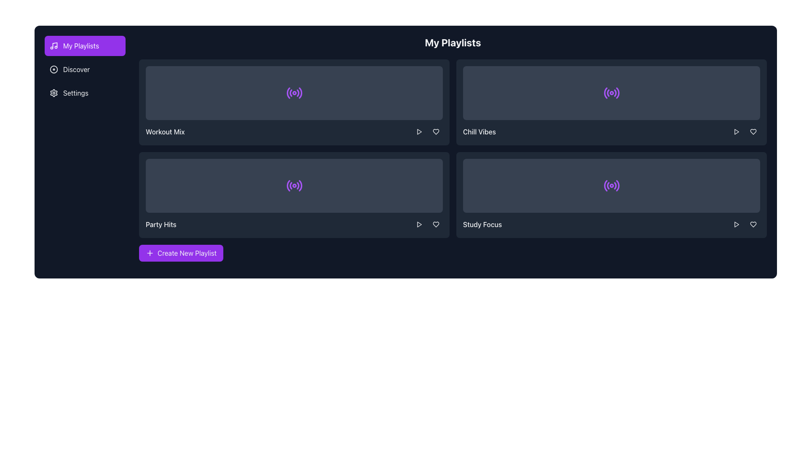 The height and width of the screenshot is (455, 809). I want to click on the Card with a purple radio signal icon, located at the bottom right of the grid layout, which is the fourth item under the 'Study Focus' title, so click(611, 185).